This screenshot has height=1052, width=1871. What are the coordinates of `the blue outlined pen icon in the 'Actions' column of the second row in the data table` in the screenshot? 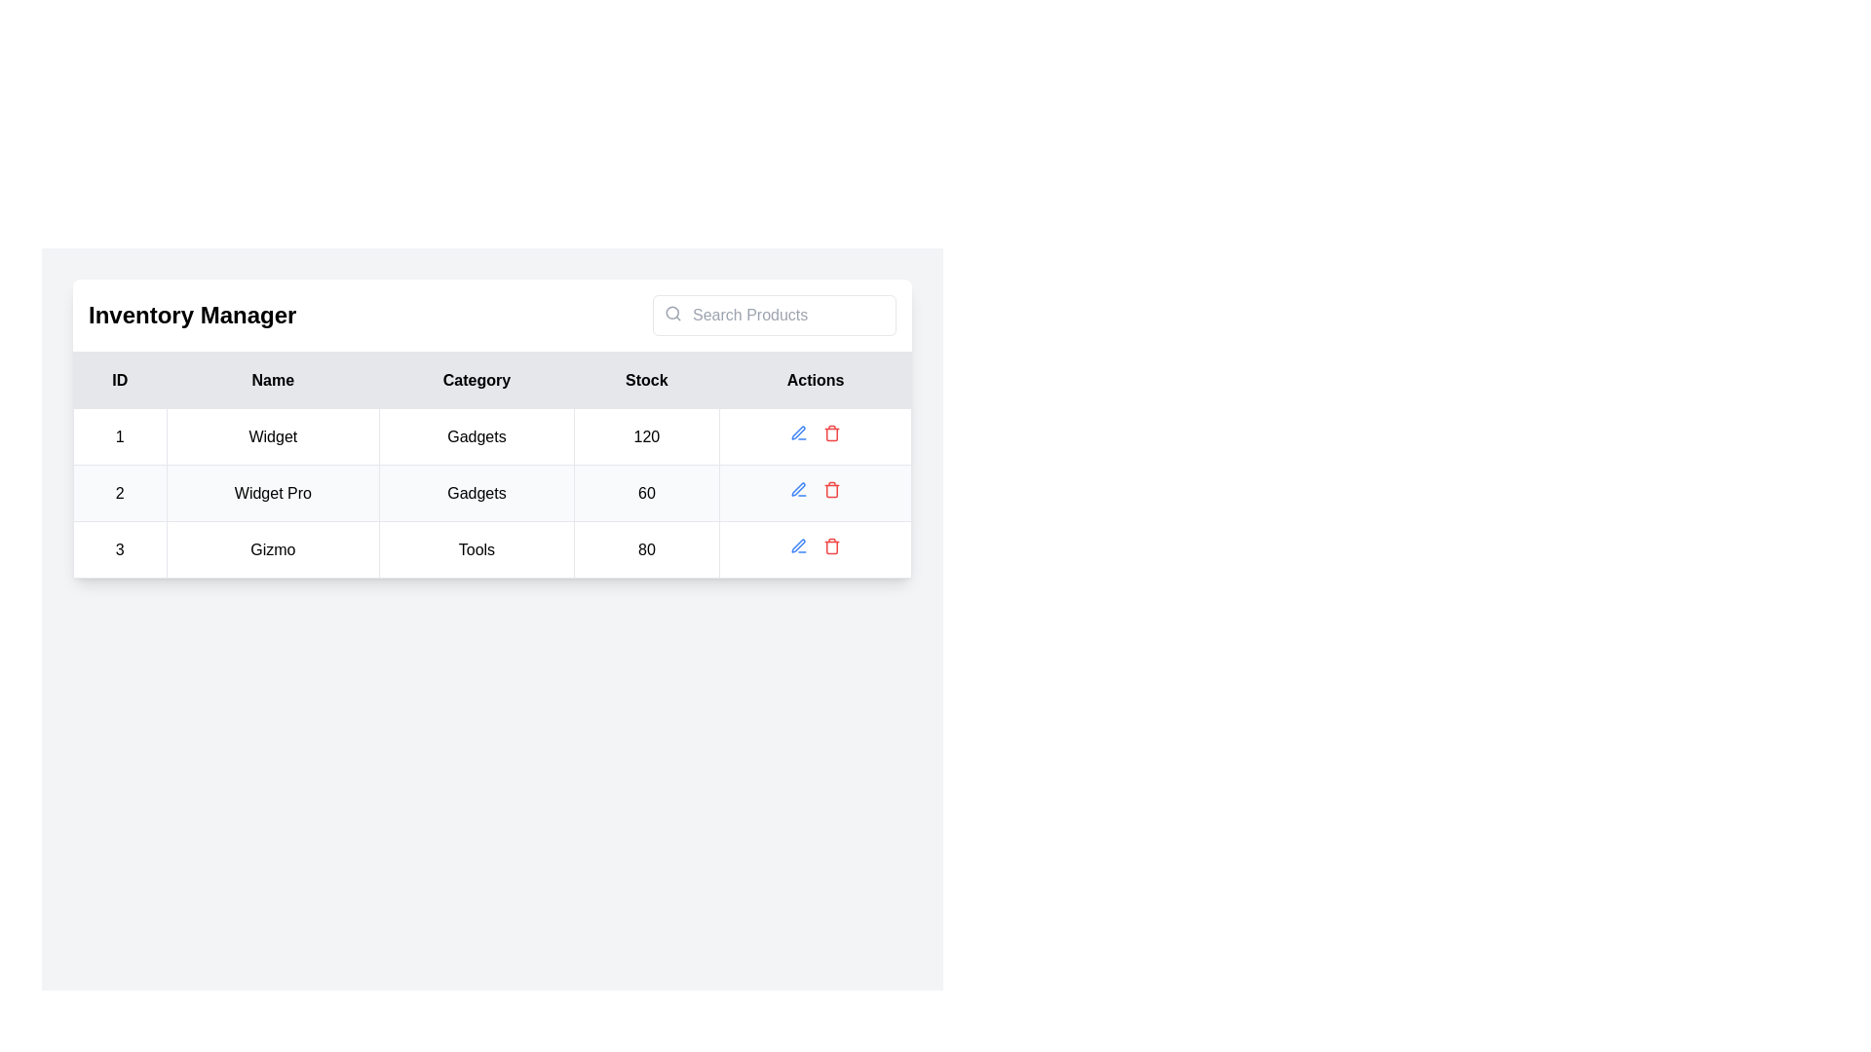 It's located at (798, 488).